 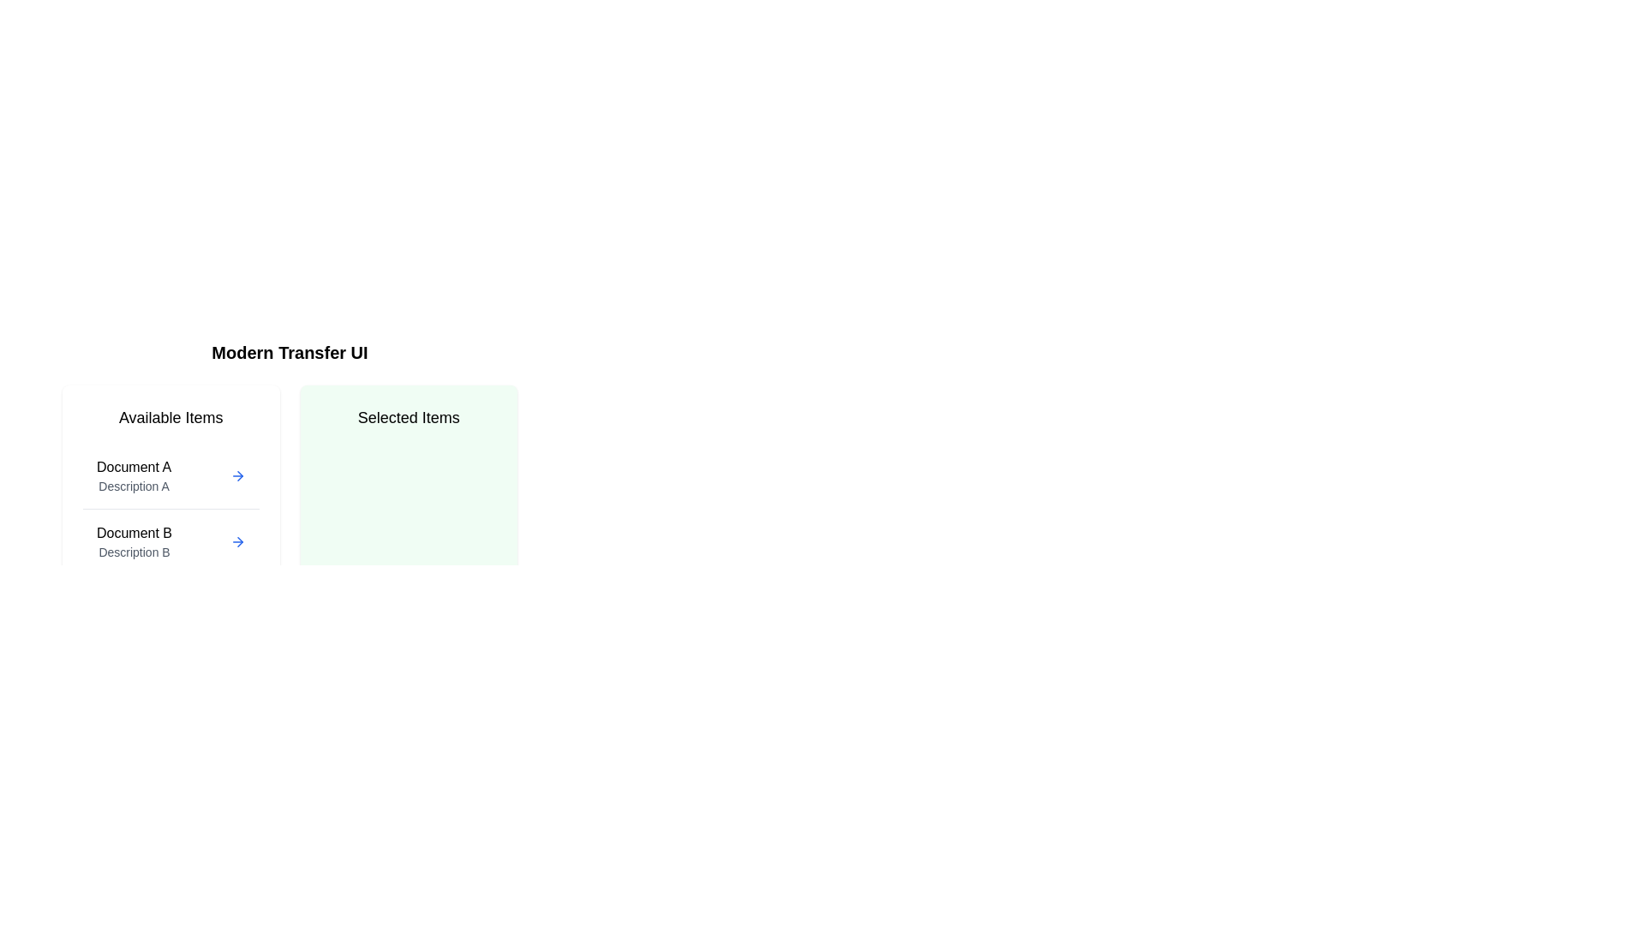 What do you see at coordinates (133, 475) in the screenshot?
I see `the first item in the 'Available Items' list, which represents 'Document A'` at bounding box center [133, 475].